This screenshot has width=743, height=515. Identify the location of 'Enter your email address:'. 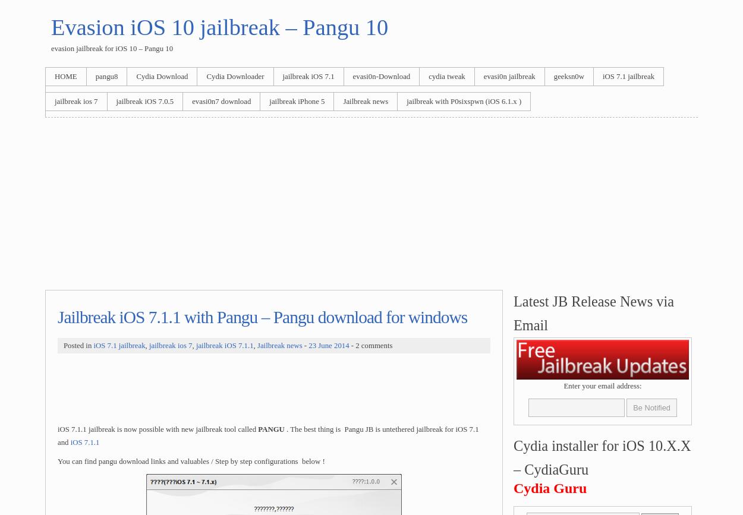
(563, 385).